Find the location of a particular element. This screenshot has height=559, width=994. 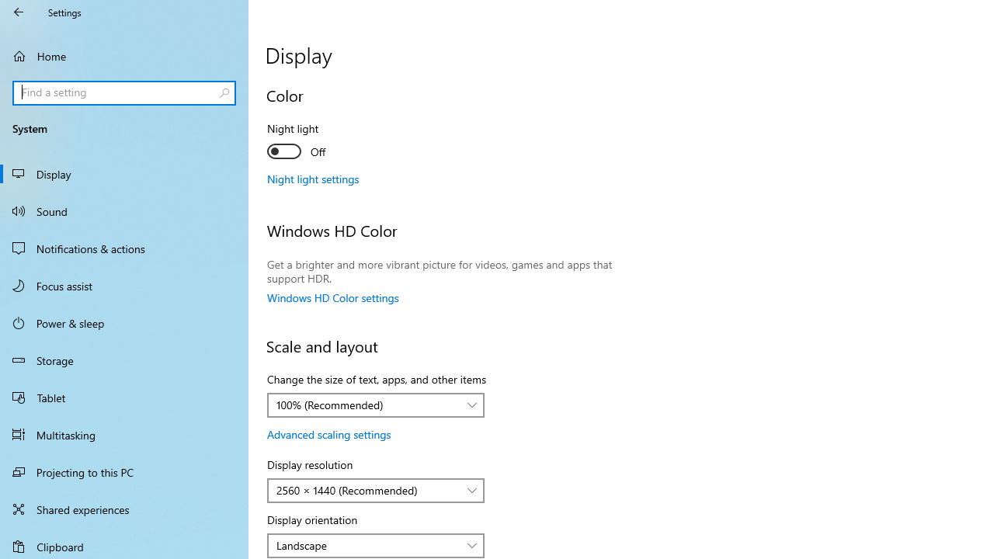

'Projecting to this PC' is located at coordinates (124, 471).